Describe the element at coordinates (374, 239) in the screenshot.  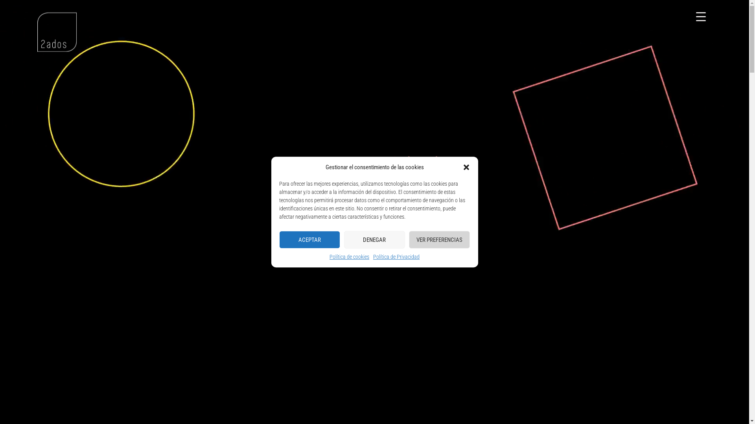
I see `'DENEGAR'` at that location.